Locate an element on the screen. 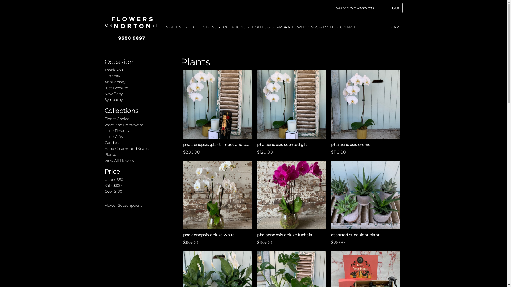  'Plants' is located at coordinates (109, 154).